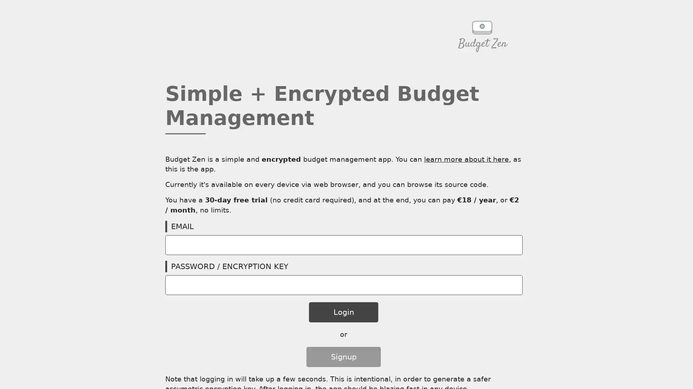 The width and height of the screenshot is (693, 389). Describe the element at coordinates (343, 357) in the screenshot. I see `Signup` at that location.